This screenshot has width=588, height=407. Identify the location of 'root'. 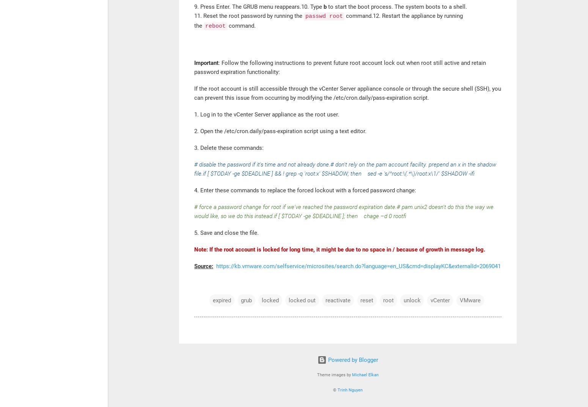
(388, 300).